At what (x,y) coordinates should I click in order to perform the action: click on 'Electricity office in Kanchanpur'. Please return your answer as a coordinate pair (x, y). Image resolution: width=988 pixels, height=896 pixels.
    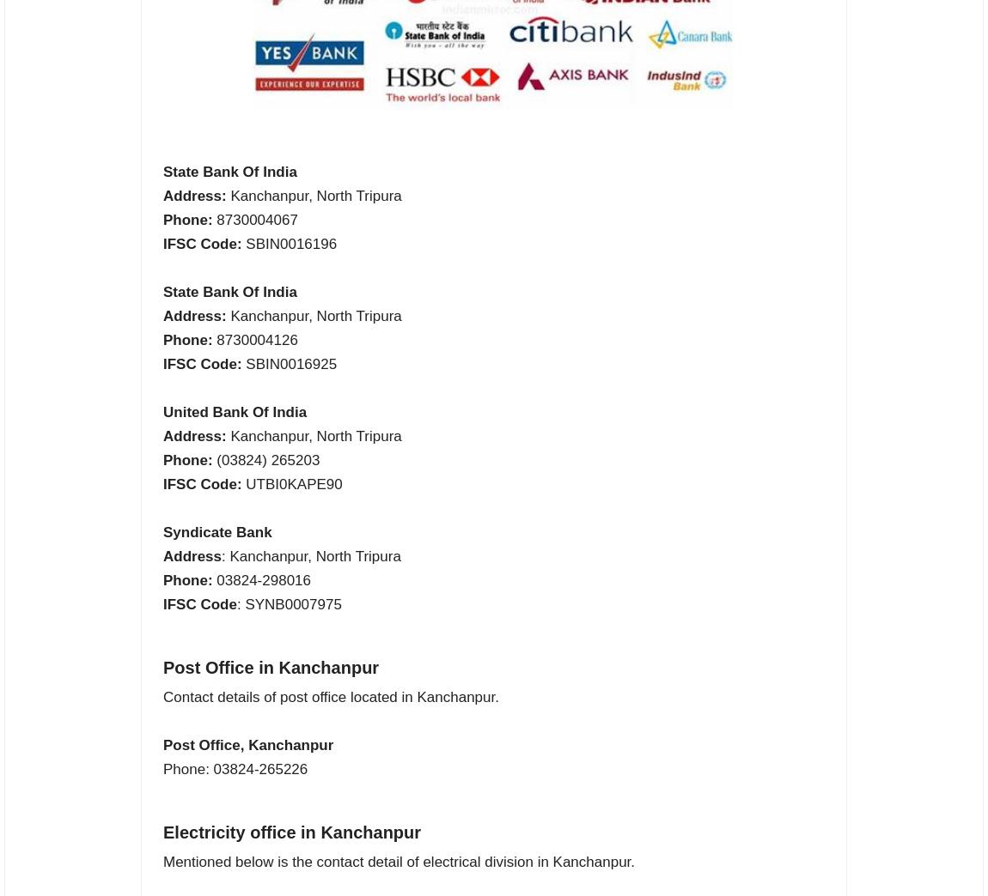
    Looking at the image, I should click on (292, 831).